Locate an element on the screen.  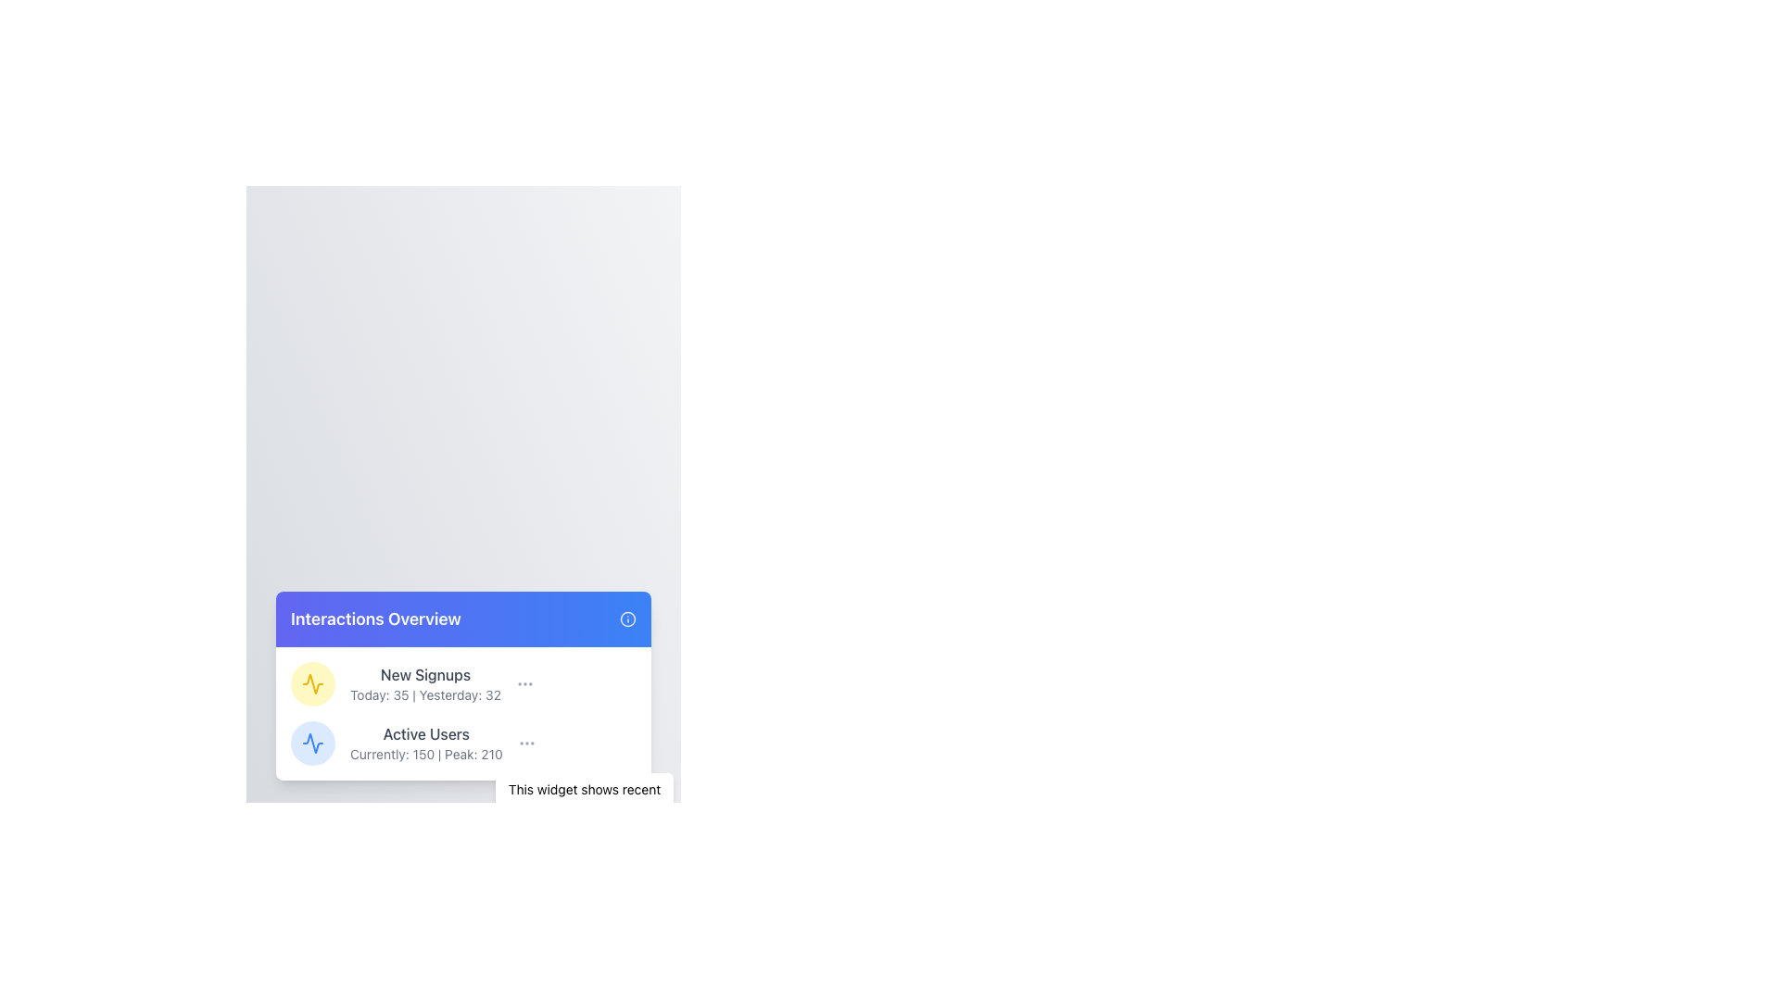
the Text Display with Icon that shows 'Active UsersCurrently: 150 | Peak: 210', located below the 'New Signups' information is located at coordinates (463, 742).